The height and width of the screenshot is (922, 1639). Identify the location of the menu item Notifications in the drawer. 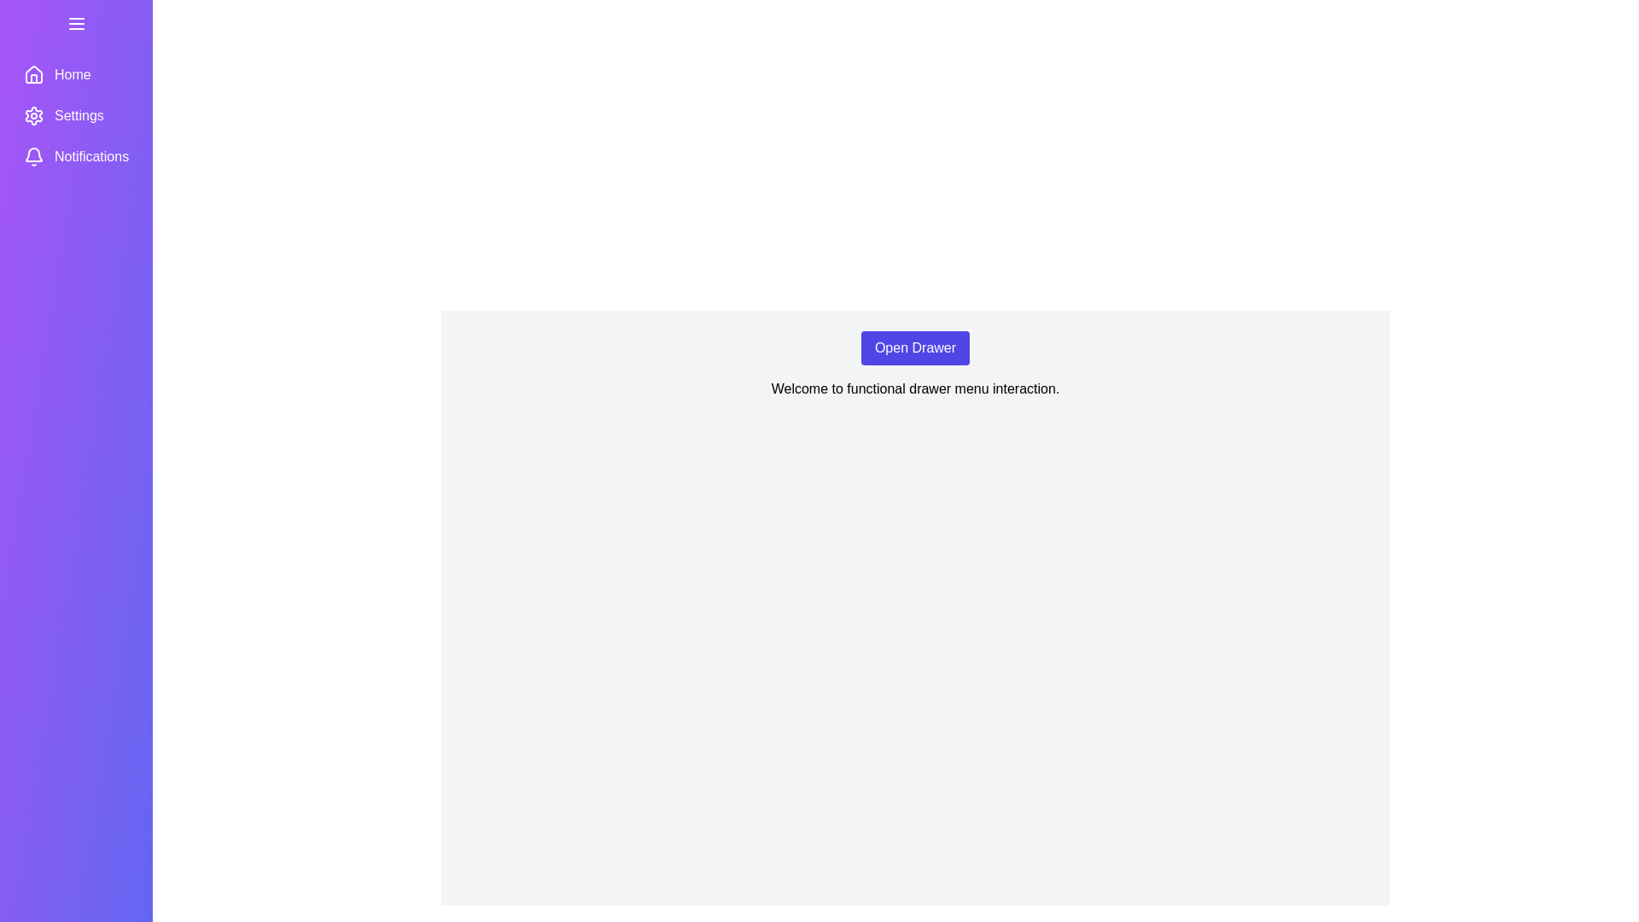
(75, 157).